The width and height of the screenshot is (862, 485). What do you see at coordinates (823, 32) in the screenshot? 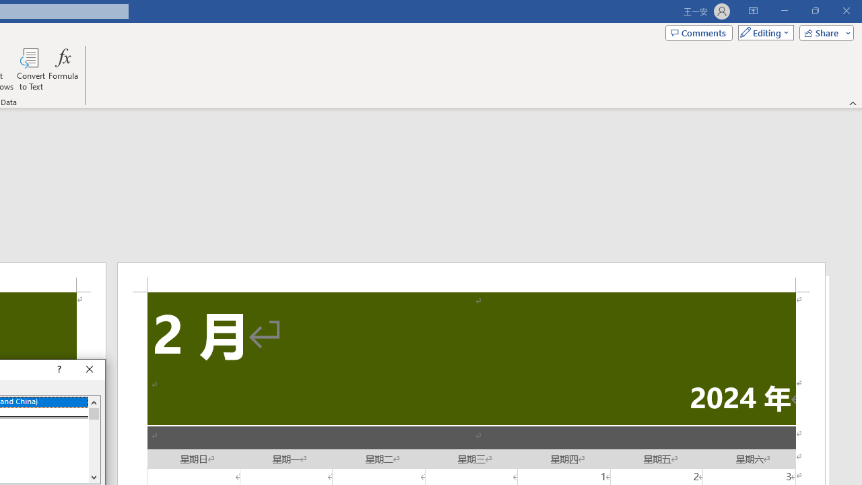
I see `'Share'` at bounding box center [823, 32].